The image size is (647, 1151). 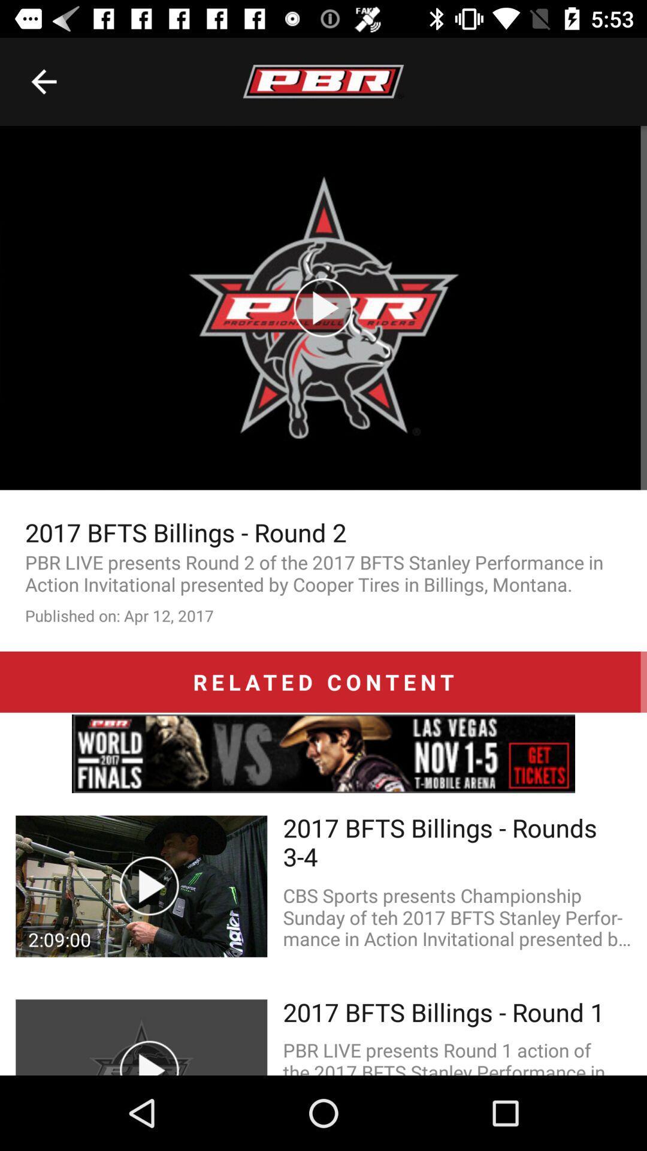 What do you see at coordinates (323, 753) in the screenshot?
I see `in app advertisement` at bounding box center [323, 753].